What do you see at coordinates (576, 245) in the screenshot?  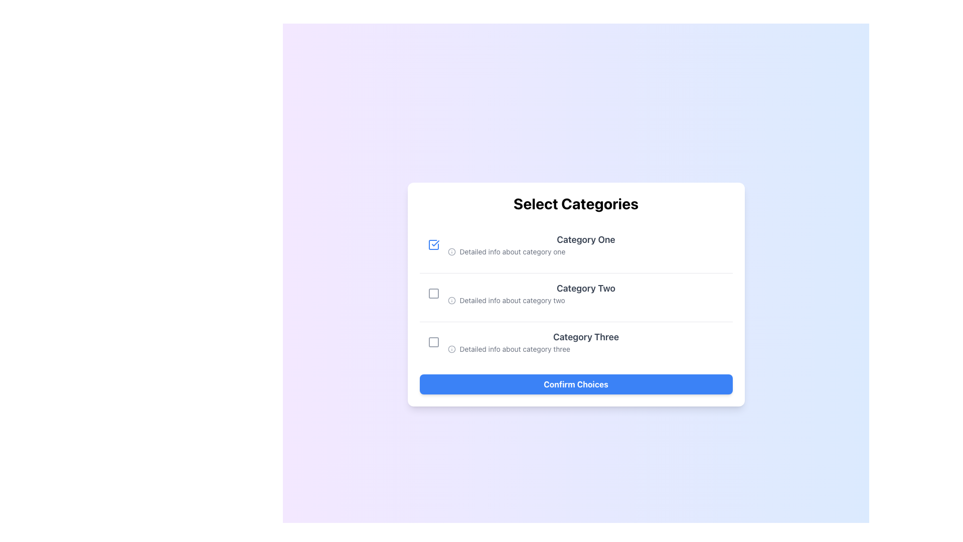 I see `the Category Selection Component labeled 'Category One'` at bounding box center [576, 245].